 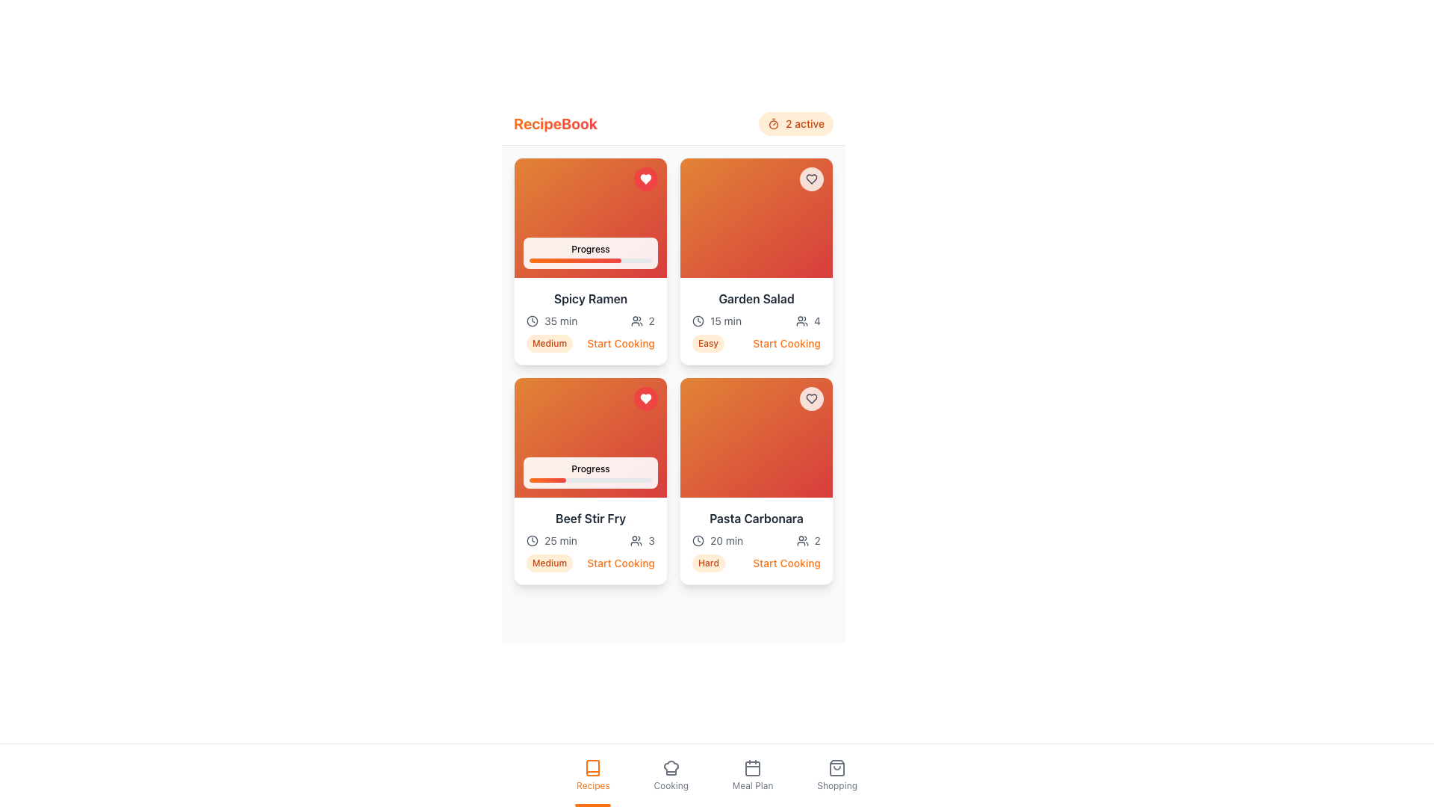 What do you see at coordinates (756, 261) in the screenshot?
I see `the 'Garden Salad' interactive recipe card located` at bounding box center [756, 261].